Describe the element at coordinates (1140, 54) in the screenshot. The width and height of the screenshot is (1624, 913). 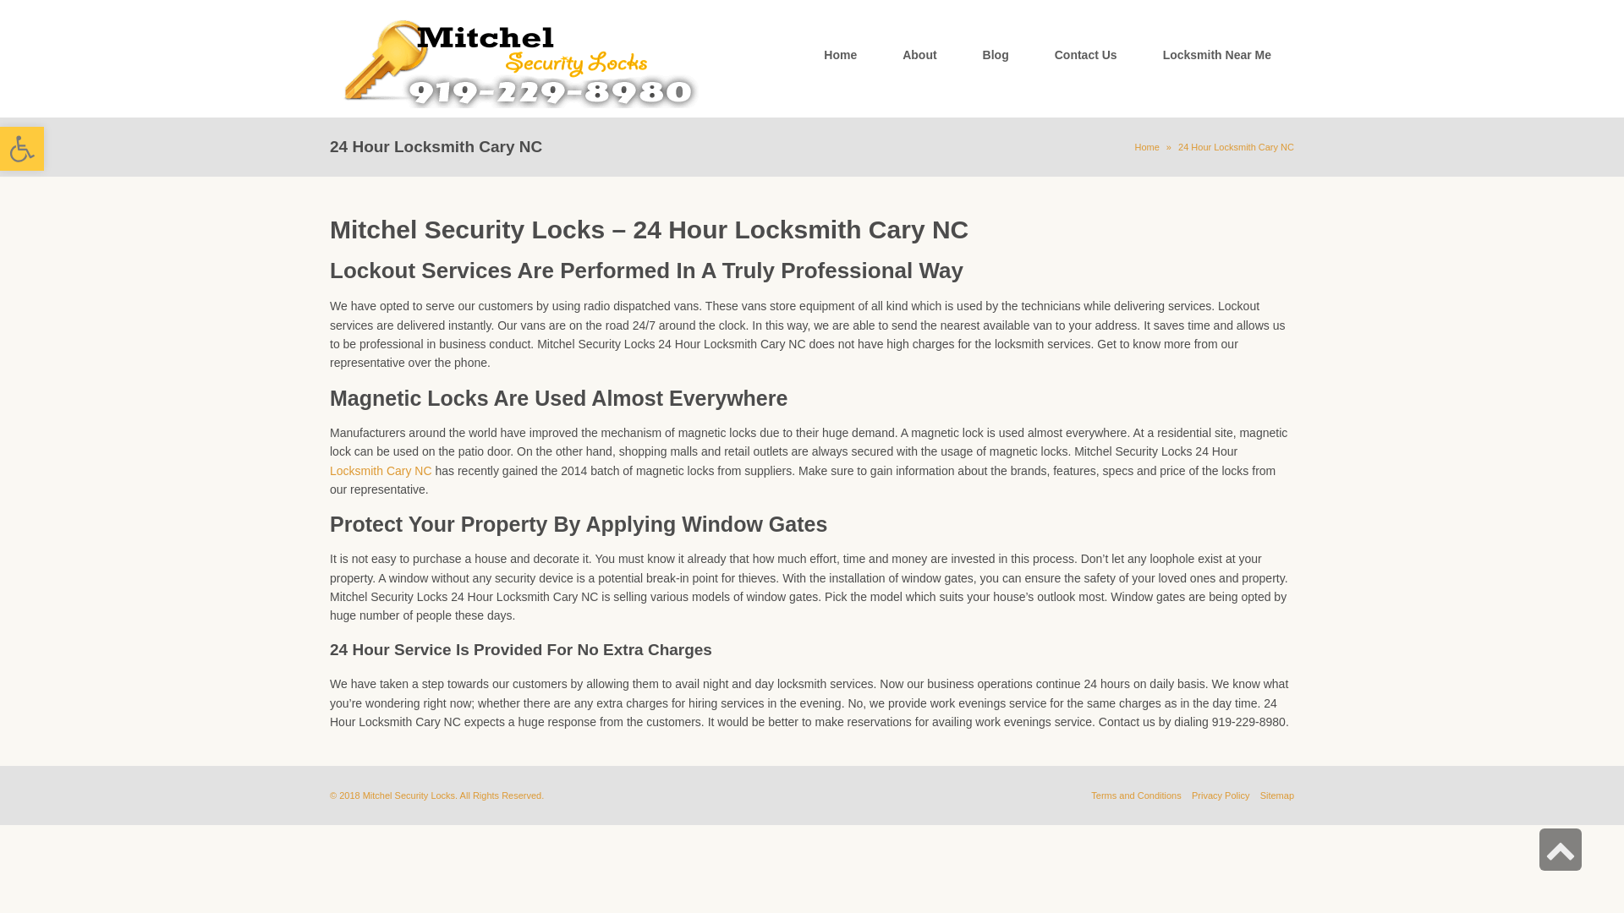
I see `'Locksmith Near Me'` at that location.